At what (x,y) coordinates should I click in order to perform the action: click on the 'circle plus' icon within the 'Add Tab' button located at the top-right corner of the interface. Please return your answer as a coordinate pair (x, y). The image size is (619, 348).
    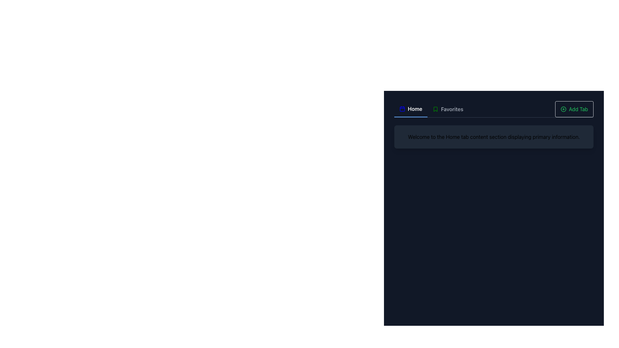
    Looking at the image, I should click on (563, 109).